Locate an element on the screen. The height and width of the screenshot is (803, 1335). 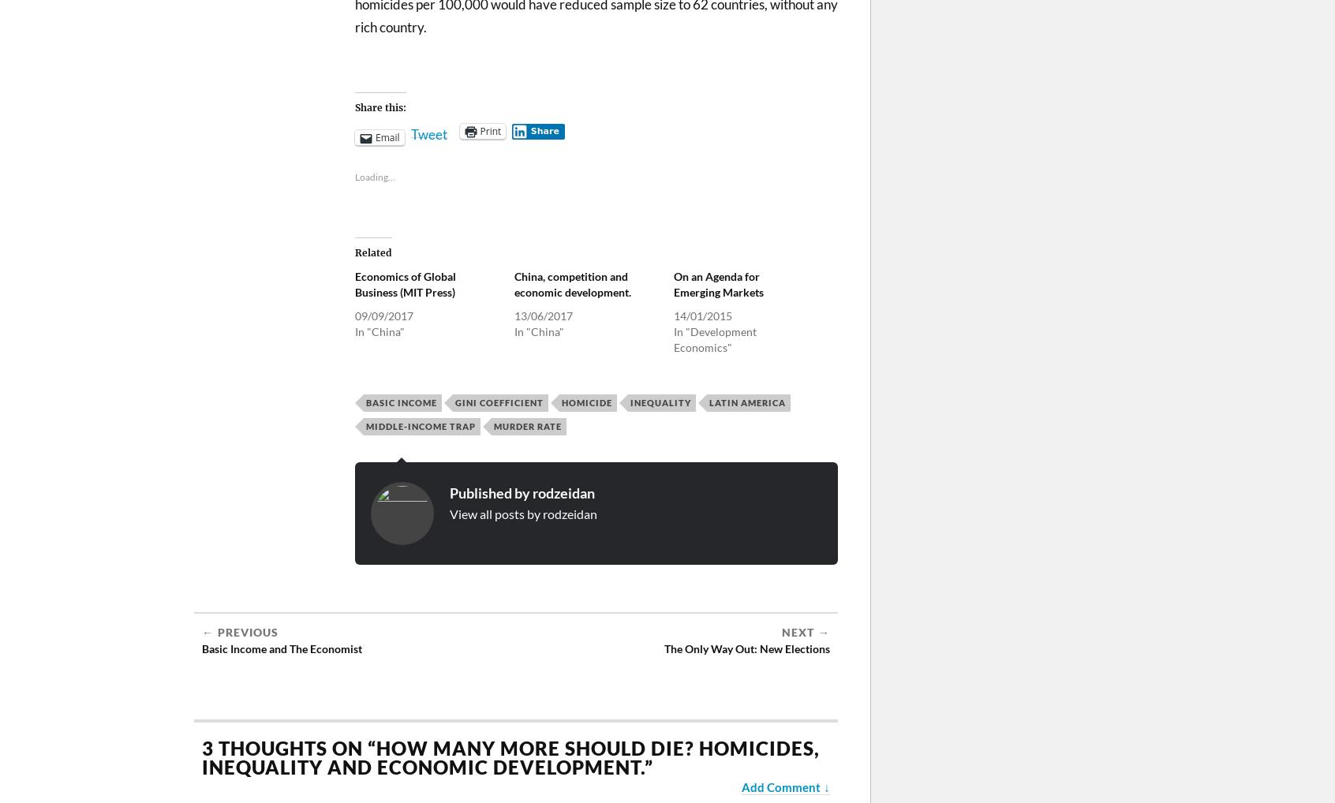
'basic income' is located at coordinates (365, 401).